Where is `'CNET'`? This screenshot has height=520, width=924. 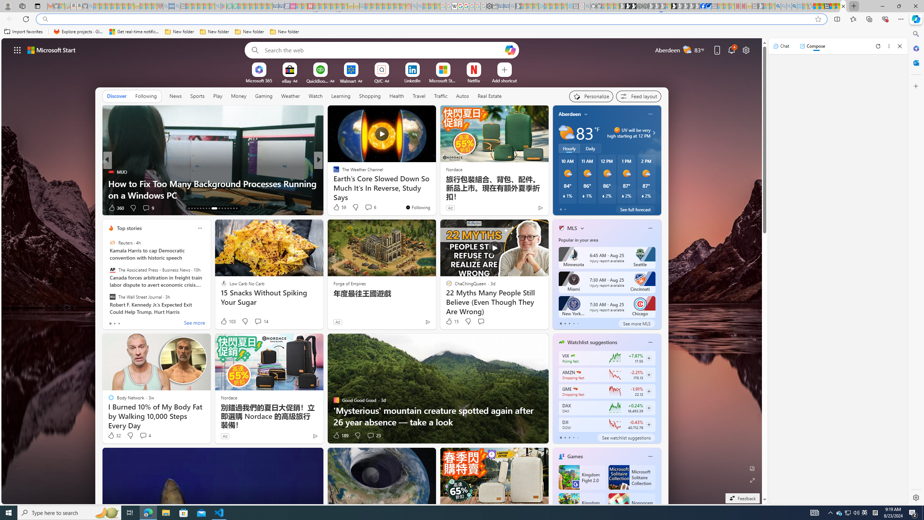 'CNET' is located at coordinates (332, 171).